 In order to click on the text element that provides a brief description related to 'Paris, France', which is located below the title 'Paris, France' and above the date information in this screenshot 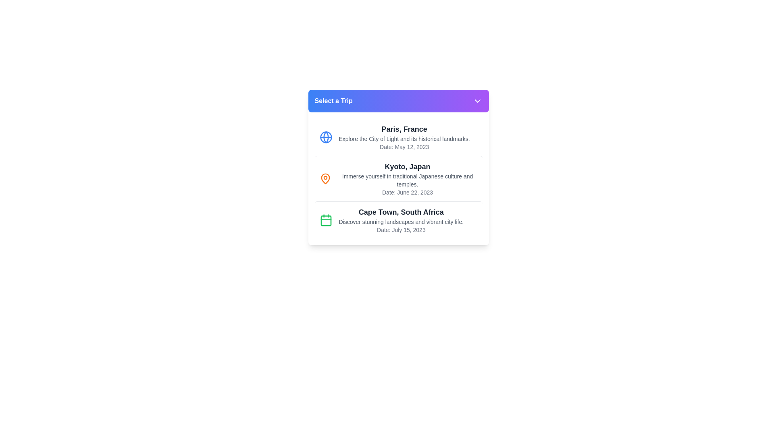, I will do `click(404, 138)`.